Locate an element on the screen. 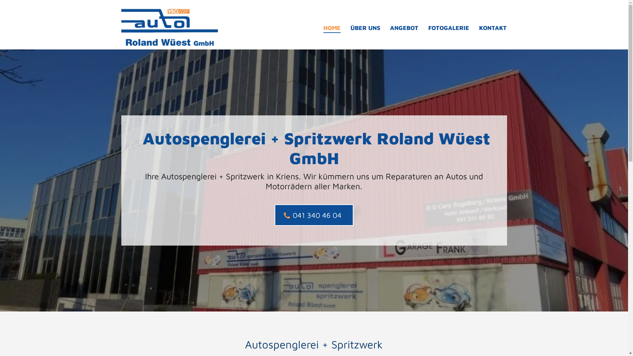 Image resolution: width=633 pixels, height=356 pixels. 'ANGEBOT' is located at coordinates (404, 26).